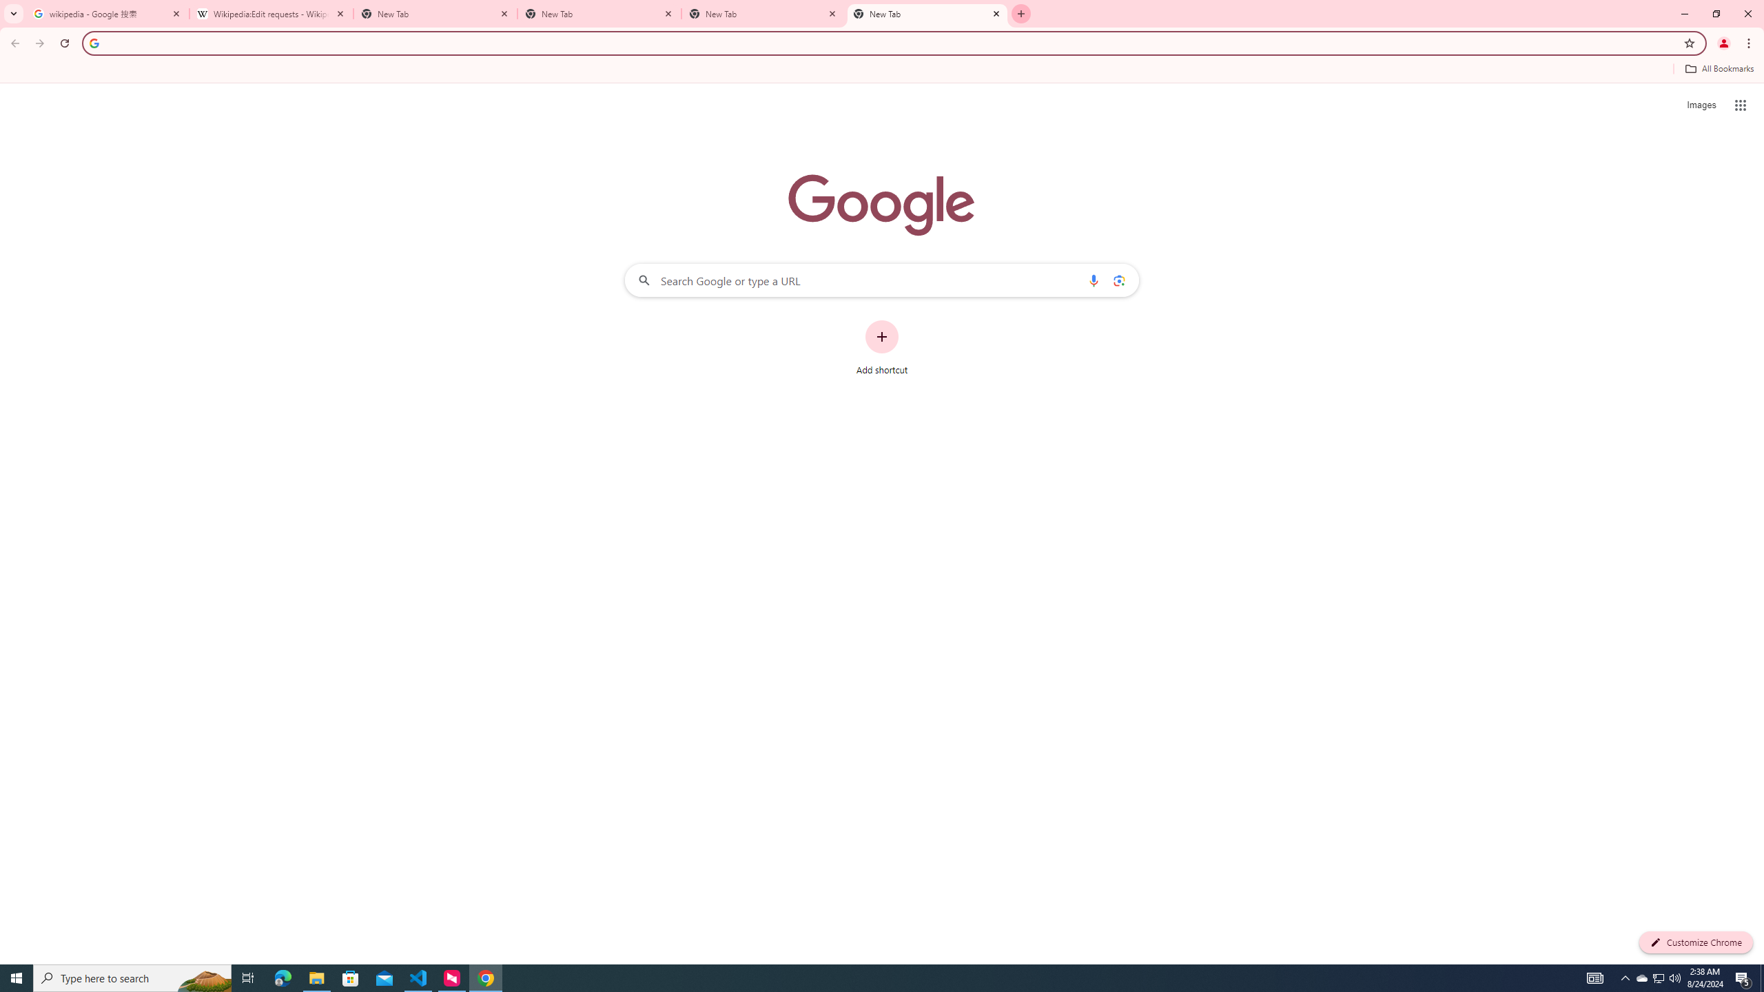 The image size is (1764, 992). Describe the element at coordinates (1750, 43) in the screenshot. I see `'Chrome'` at that location.